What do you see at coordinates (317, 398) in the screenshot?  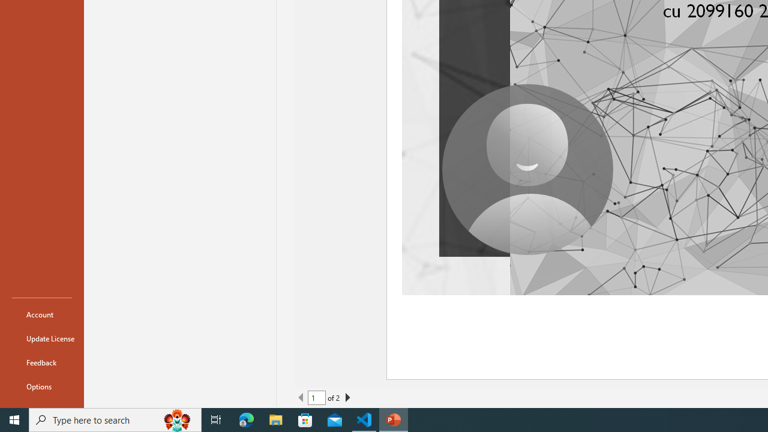 I see `'Current Page'` at bounding box center [317, 398].